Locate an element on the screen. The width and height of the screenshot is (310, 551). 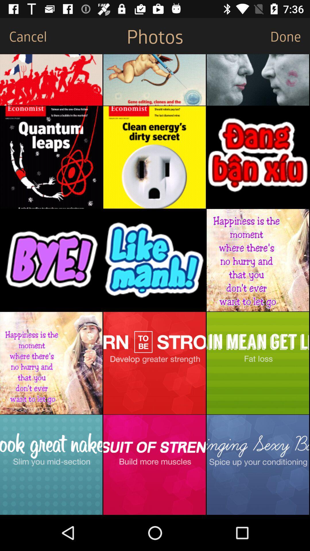
the item below done is located at coordinates (257, 79).